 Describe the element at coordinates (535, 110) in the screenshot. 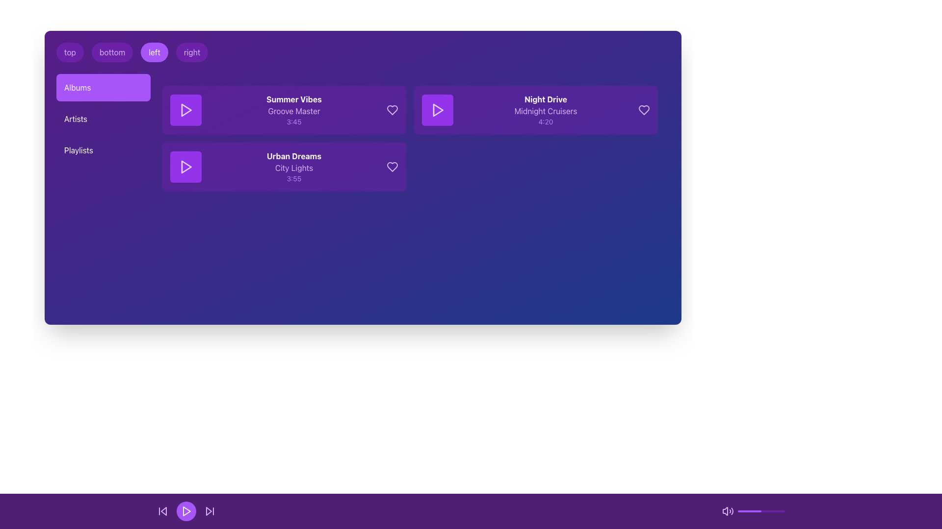

I see `the music track listing card titled 'Night Drive' by 'Midnight Cruisers'` at that location.